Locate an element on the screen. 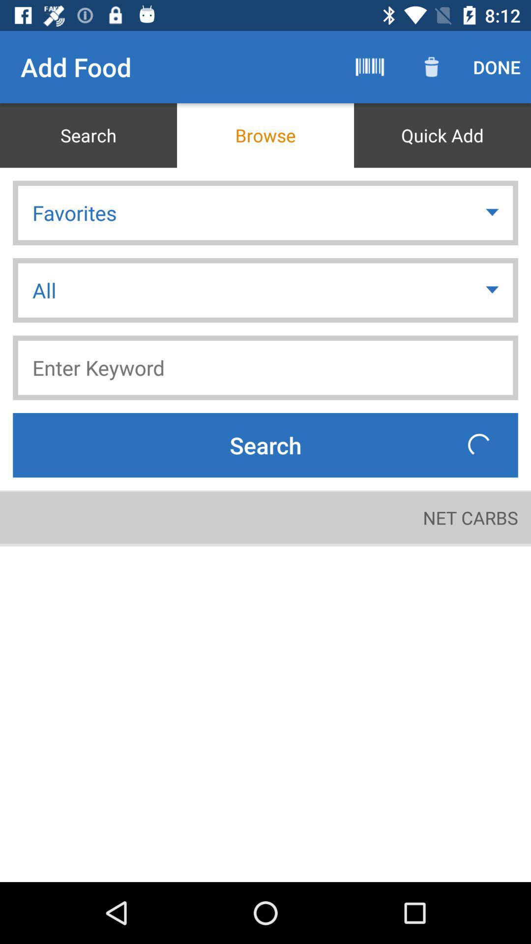 Image resolution: width=531 pixels, height=944 pixels. the icon to the right of search item is located at coordinates (370, 66).